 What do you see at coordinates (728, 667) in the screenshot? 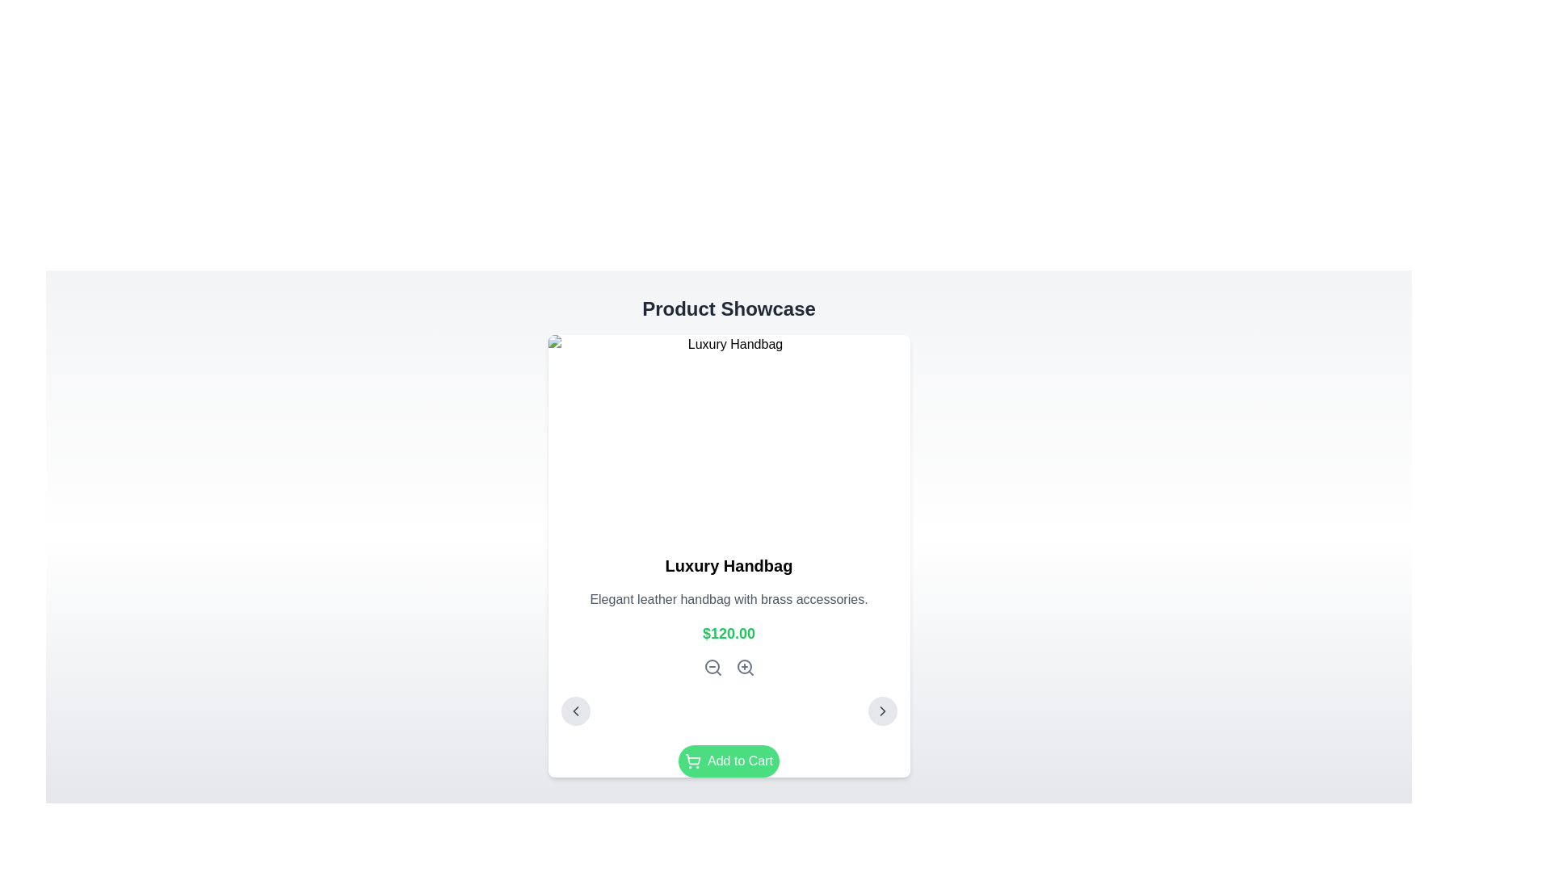
I see `the left button (magnifying glass with a minus sign) in the zoom controller group located below the price text ($120.00) in the product details card to zoom out` at bounding box center [728, 667].